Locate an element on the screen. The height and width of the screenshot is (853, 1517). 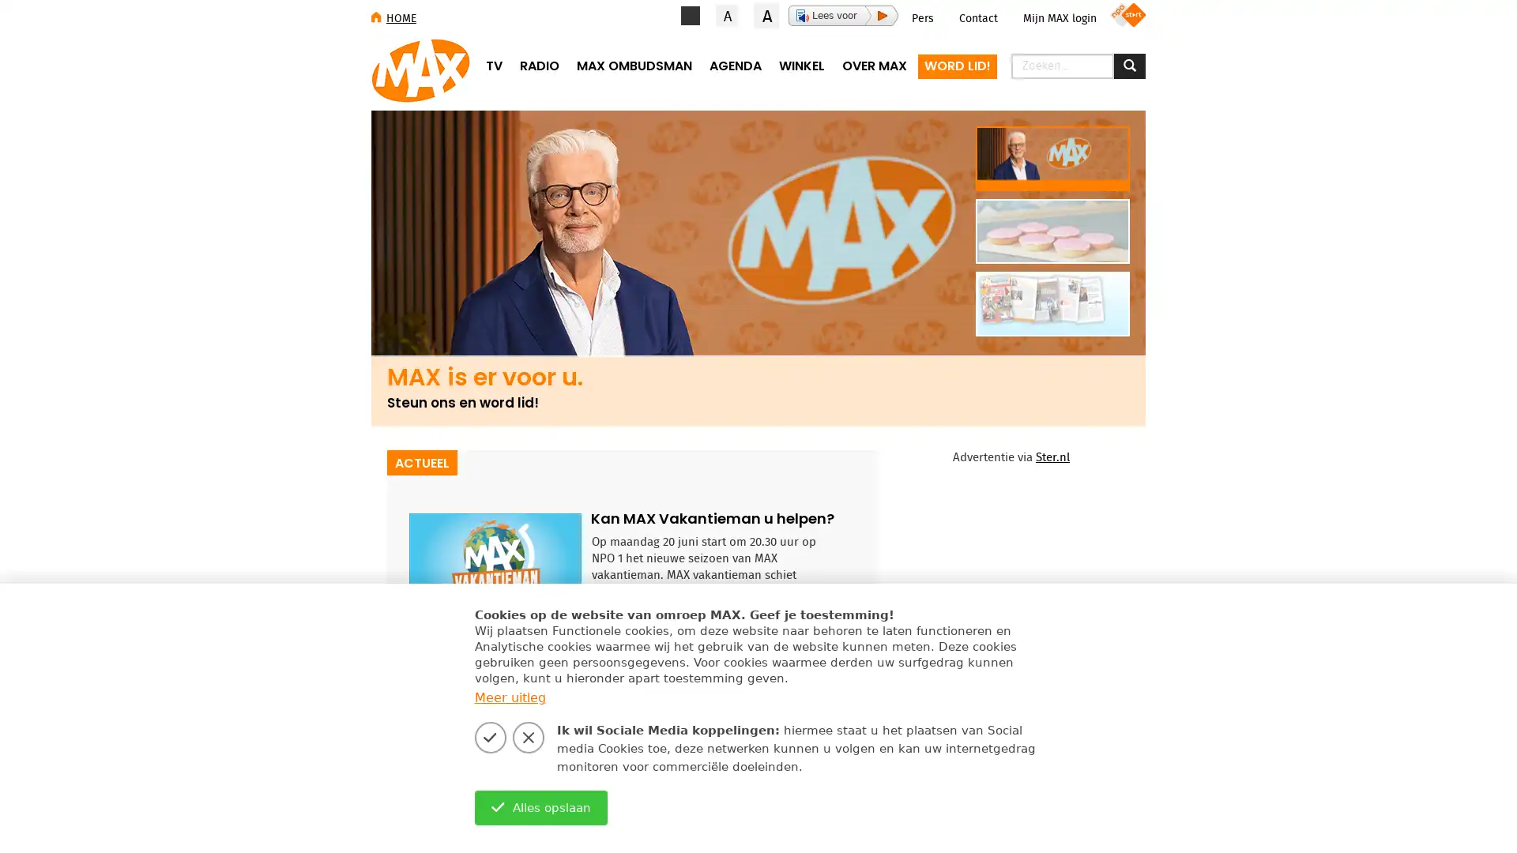
Alles opslaan is located at coordinates (540, 807).